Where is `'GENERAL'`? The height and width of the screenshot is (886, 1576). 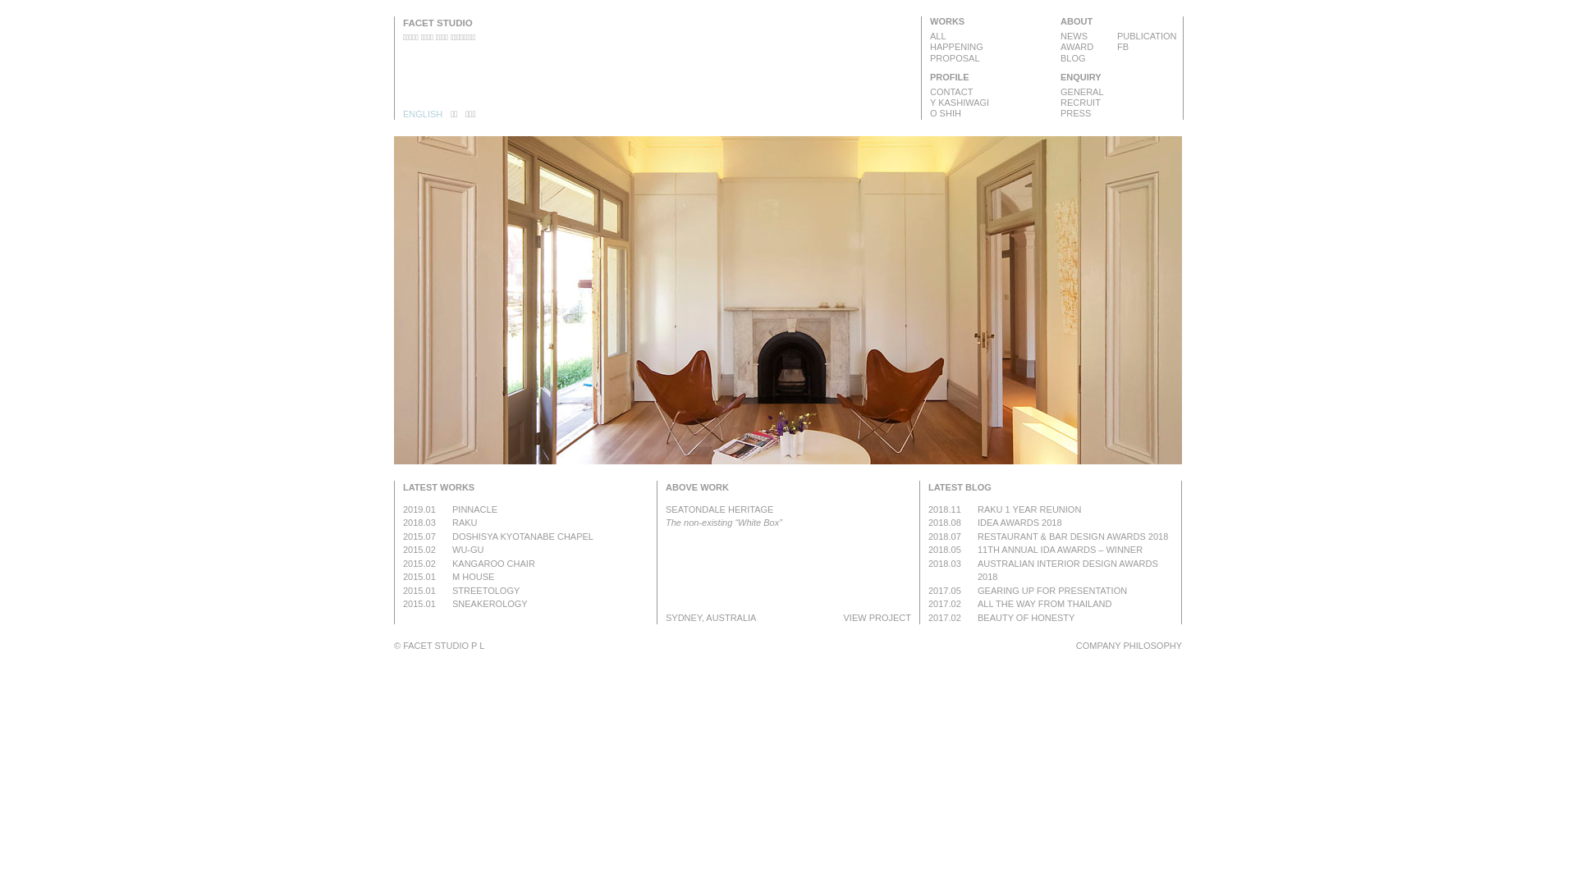
'GENERAL' is located at coordinates (1120, 92).